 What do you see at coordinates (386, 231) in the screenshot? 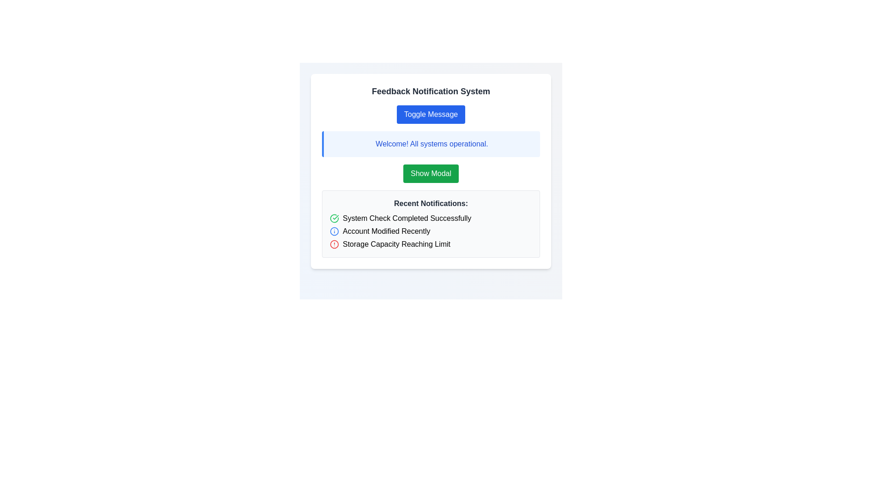
I see `the static text element displaying 'Account Modified Recently', which is the second item in a vertical list of notifications, marked by a blue information icon` at bounding box center [386, 231].